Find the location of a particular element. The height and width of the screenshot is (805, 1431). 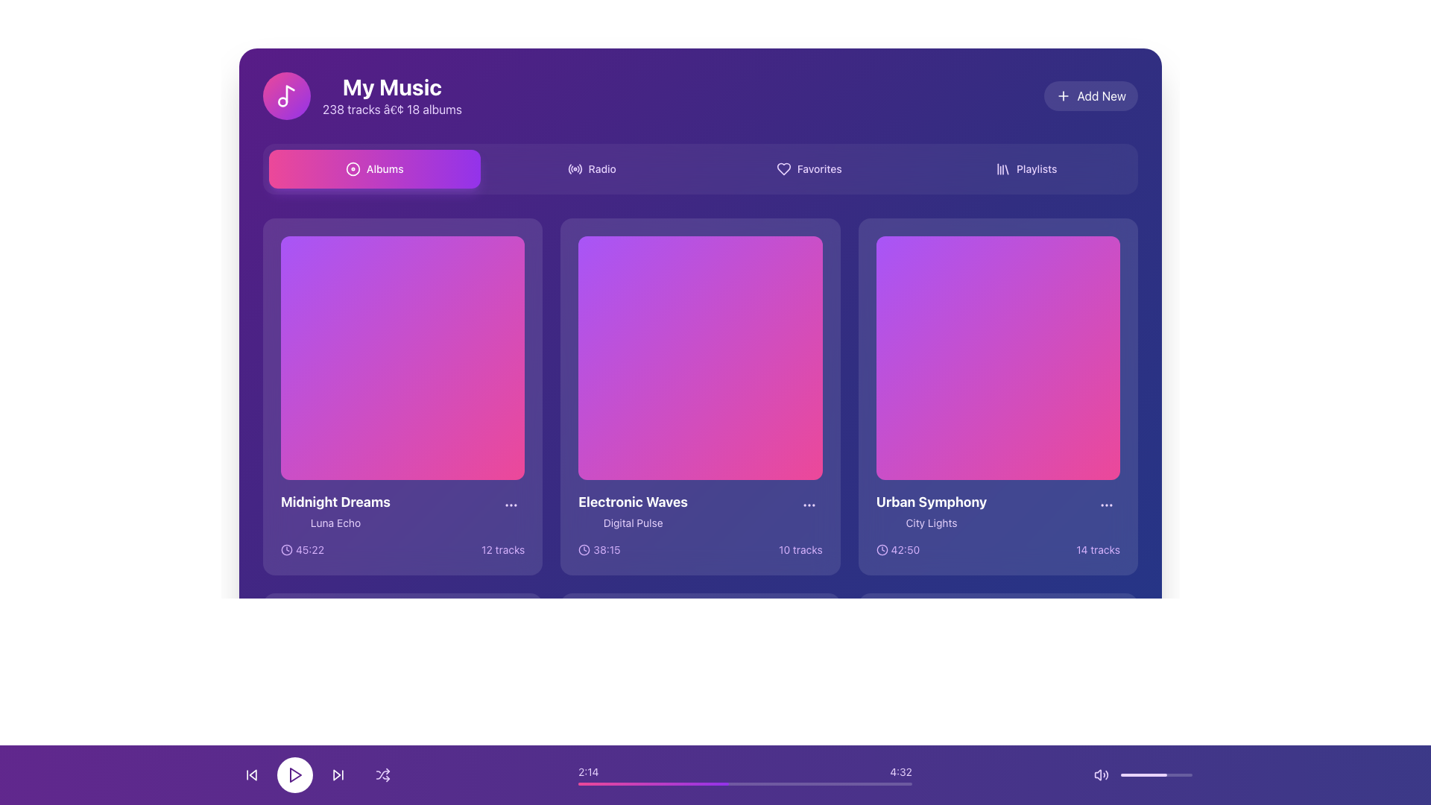

the circular button with a white fill and purple play icon is located at coordinates (294, 774).